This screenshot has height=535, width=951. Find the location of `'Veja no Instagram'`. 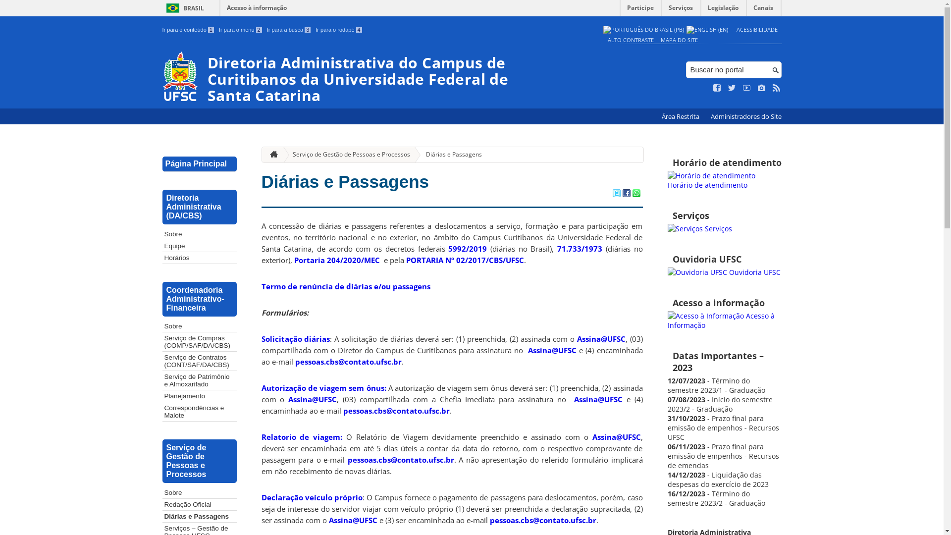

'Veja no Instagram' is located at coordinates (761, 87).